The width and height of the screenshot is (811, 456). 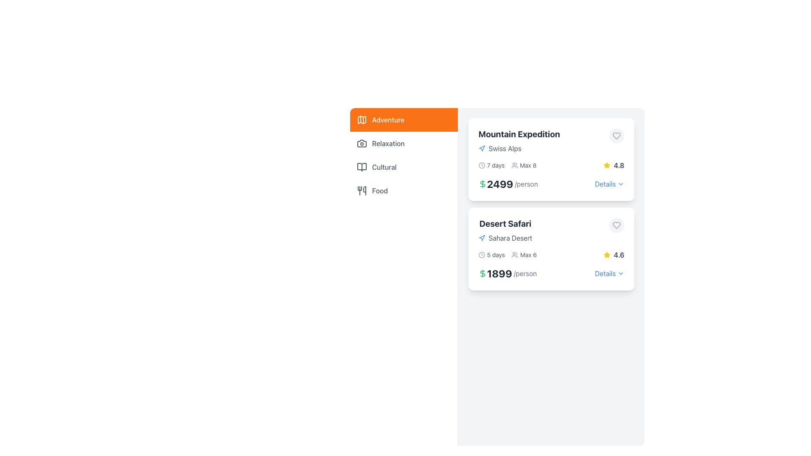 I want to click on the static text label reading 'Max 6', which is styled in light gray and provides supplemental information about trip participants, so click(x=528, y=255).